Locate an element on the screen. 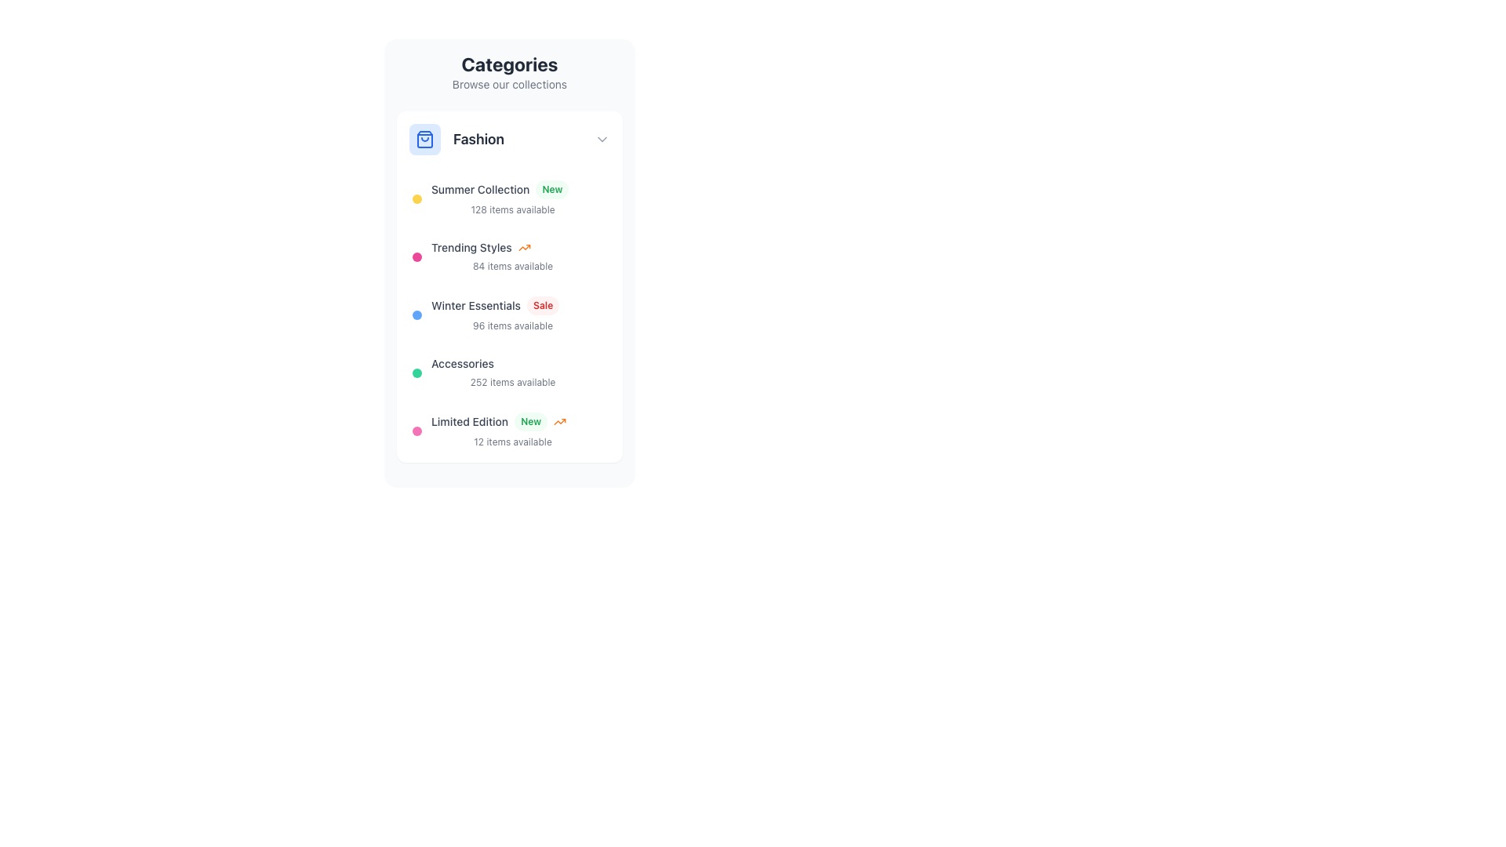 This screenshot has height=847, width=1506. the second item in the vertical list of categories labeled 'Fashion', which serves as a navigational link to trending style items is located at coordinates (471, 247).